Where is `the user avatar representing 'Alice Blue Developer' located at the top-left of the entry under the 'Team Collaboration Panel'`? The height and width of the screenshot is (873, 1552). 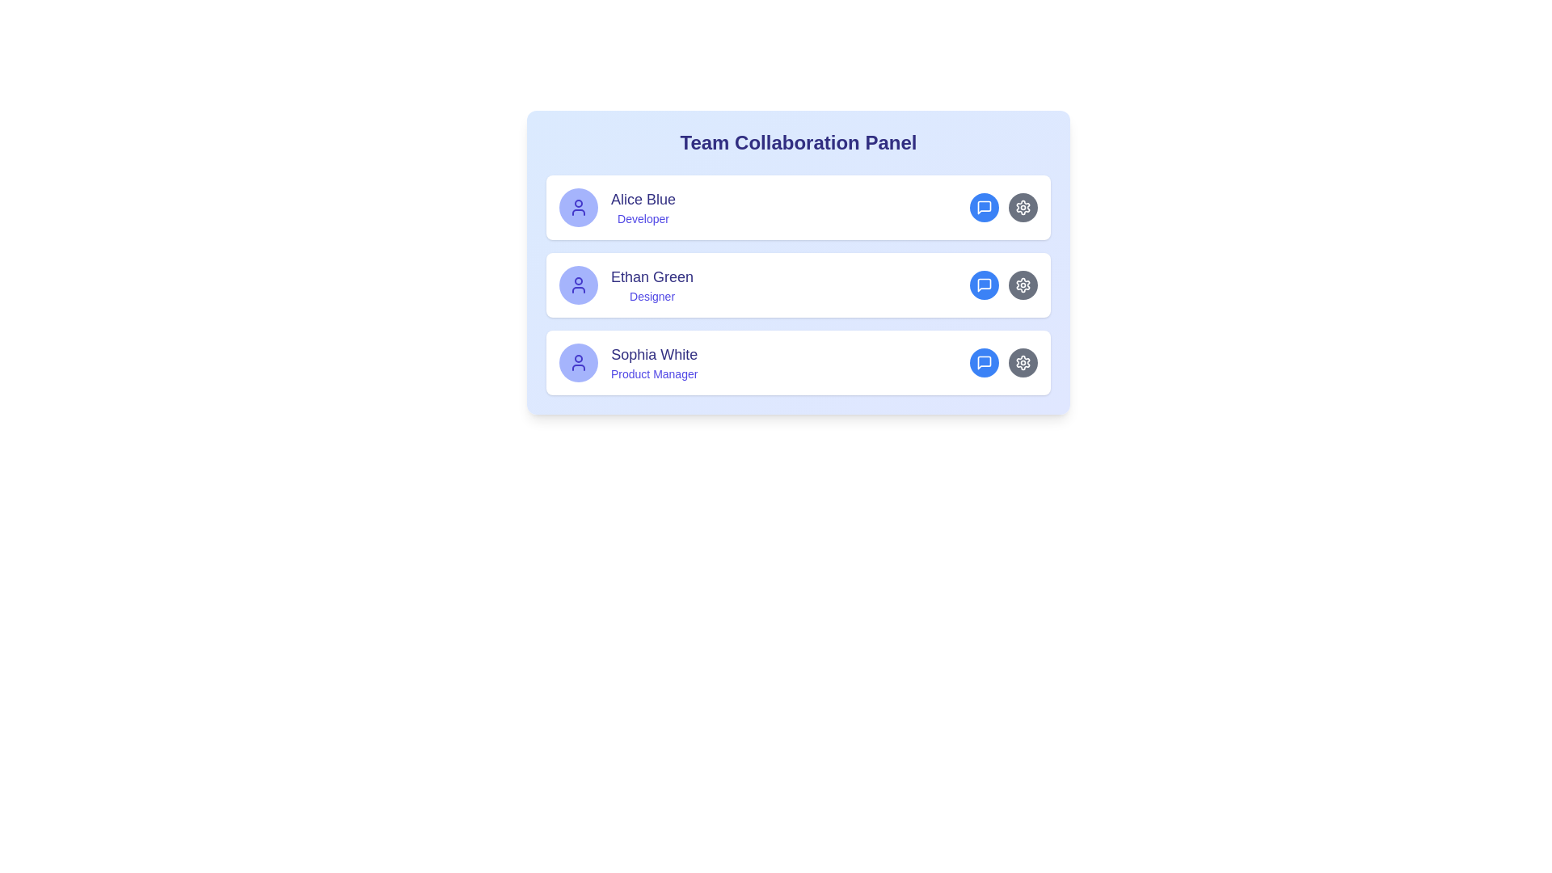 the user avatar representing 'Alice Blue Developer' located at the top-left of the entry under the 'Team Collaboration Panel' is located at coordinates (578, 207).